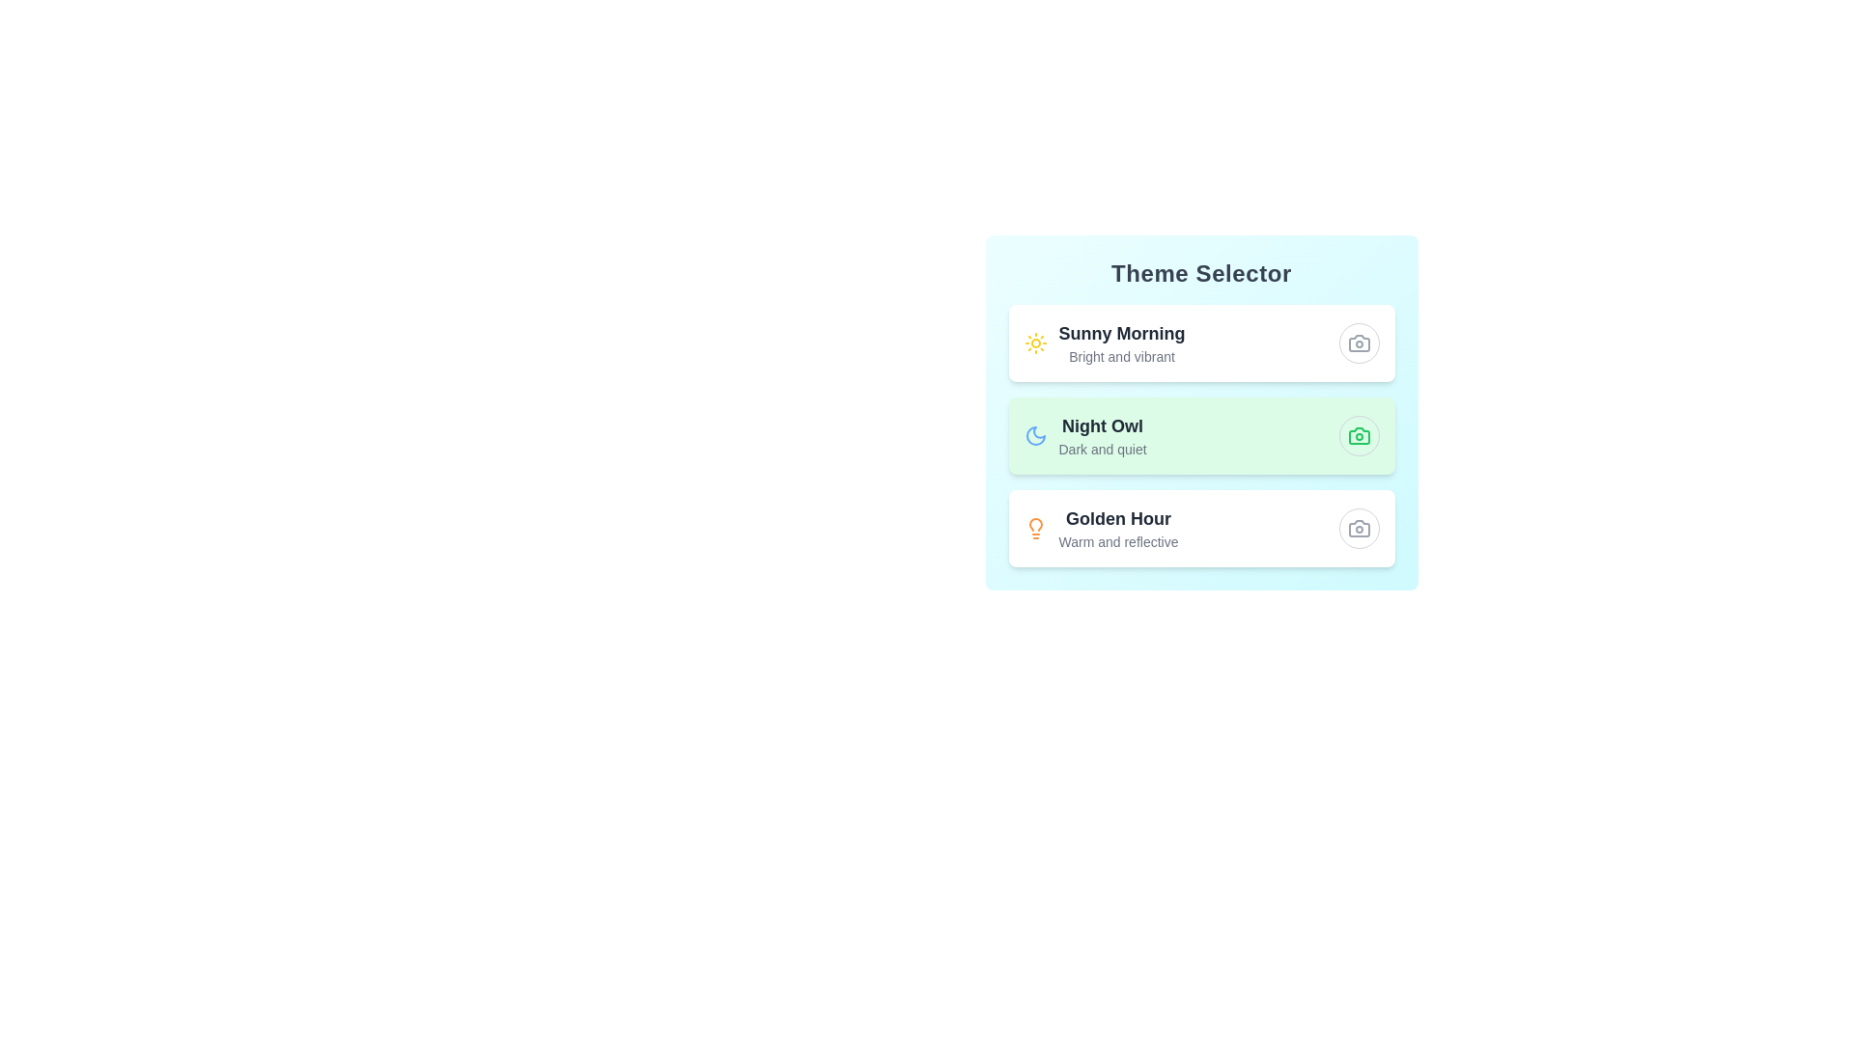 Image resolution: width=1854 pixels, height=1042 pixels. I want to click on the theme Night Owl by clicking its respective button, so click(1358, 435).